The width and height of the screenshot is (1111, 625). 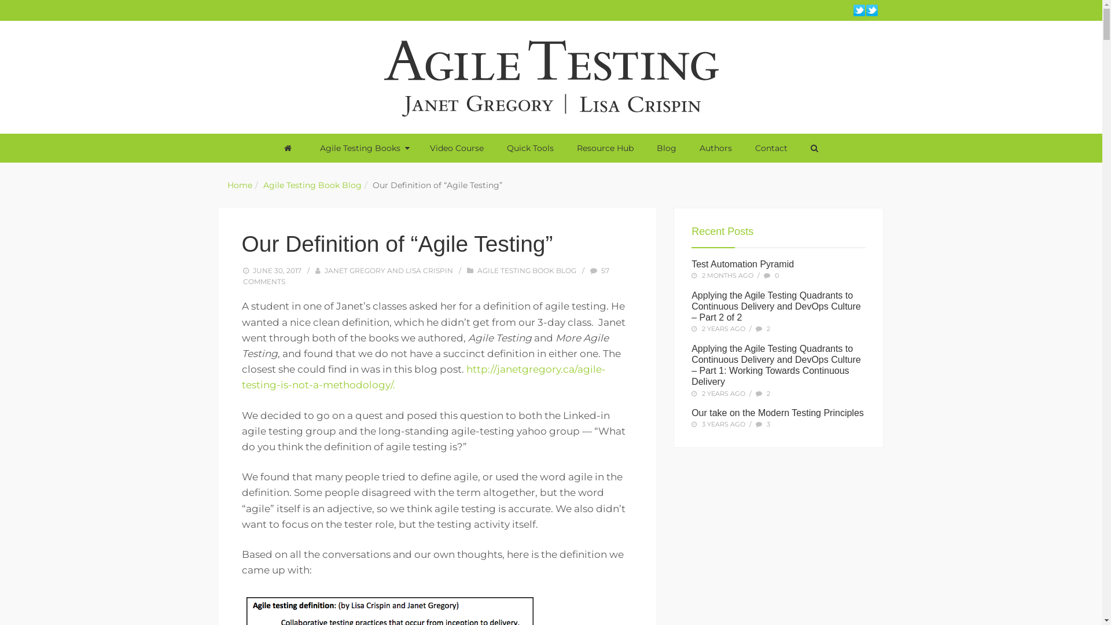 What do you see at coordinates (308, 147) in the screenshot?
I see `'Agile Testing Books'` at bounding box center [308, 147].